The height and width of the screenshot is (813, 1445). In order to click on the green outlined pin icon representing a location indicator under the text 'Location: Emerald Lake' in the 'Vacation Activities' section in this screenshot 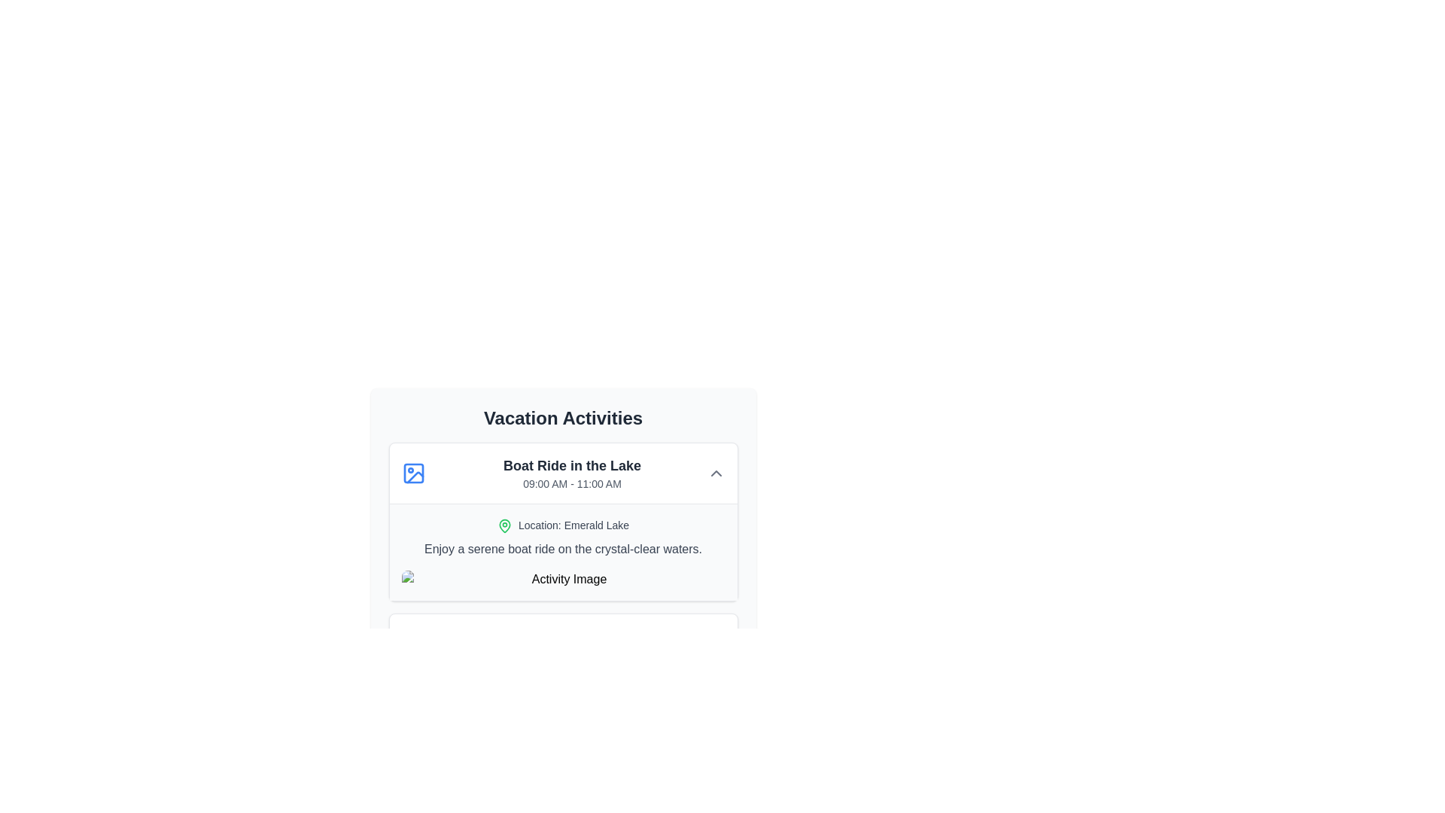, I will do `click(504, 525)`.